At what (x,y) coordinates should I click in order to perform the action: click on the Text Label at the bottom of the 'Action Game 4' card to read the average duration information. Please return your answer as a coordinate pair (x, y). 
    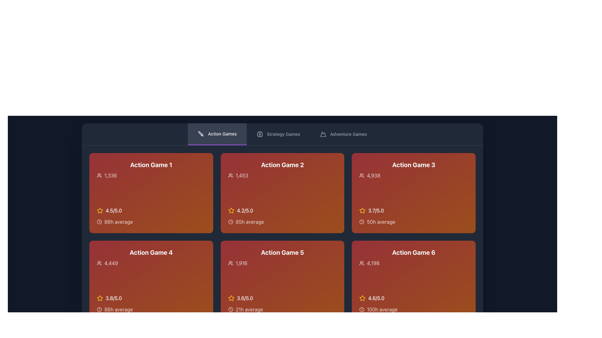
    Looking at the image, I should click on (119, 309).